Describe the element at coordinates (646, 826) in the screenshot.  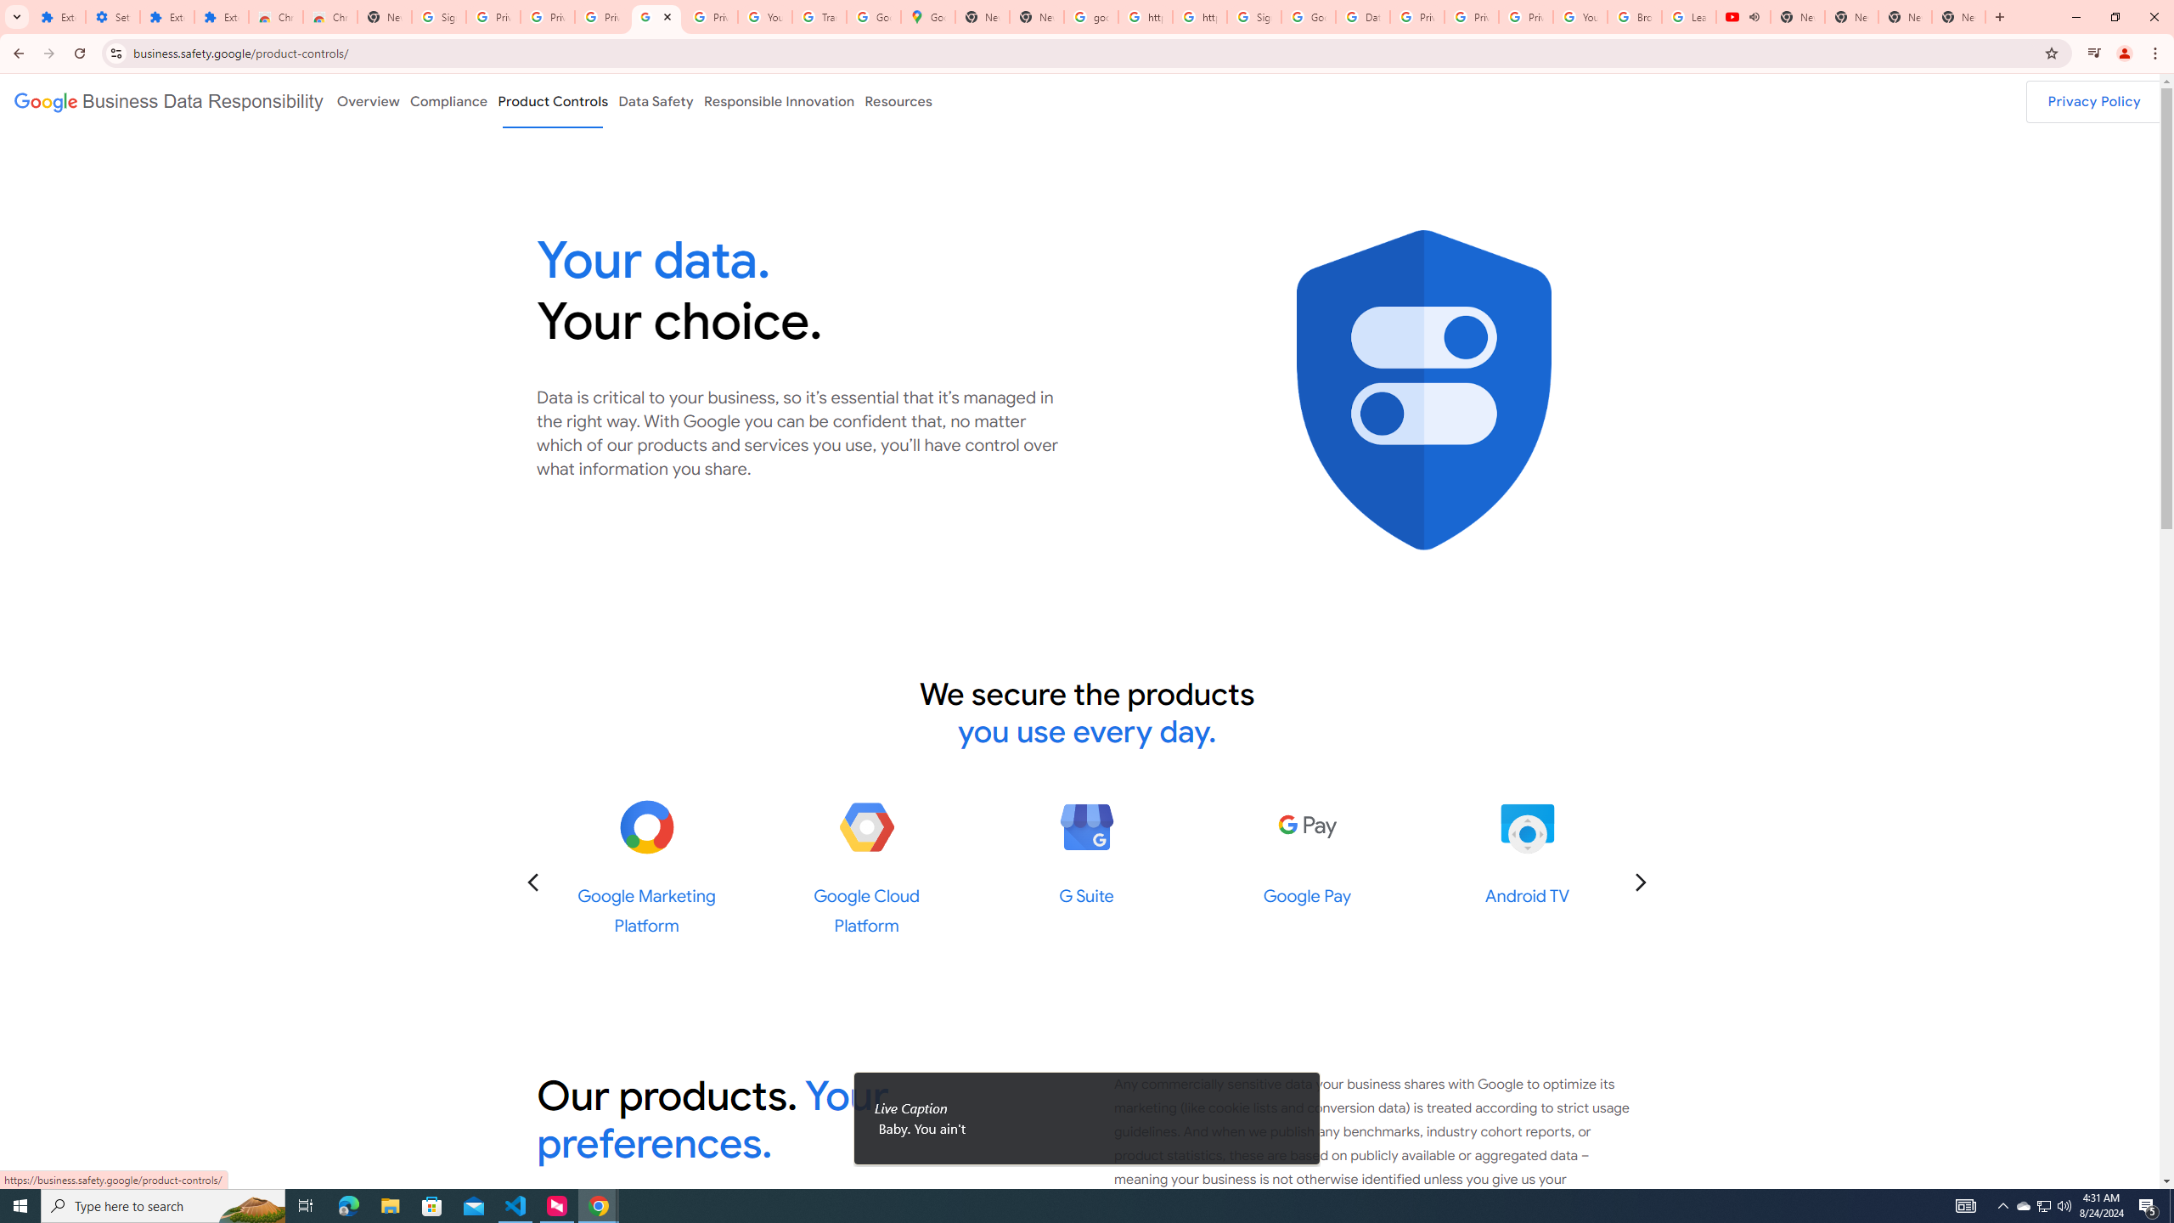
I see `'Google Marketing Platform'` at that location.